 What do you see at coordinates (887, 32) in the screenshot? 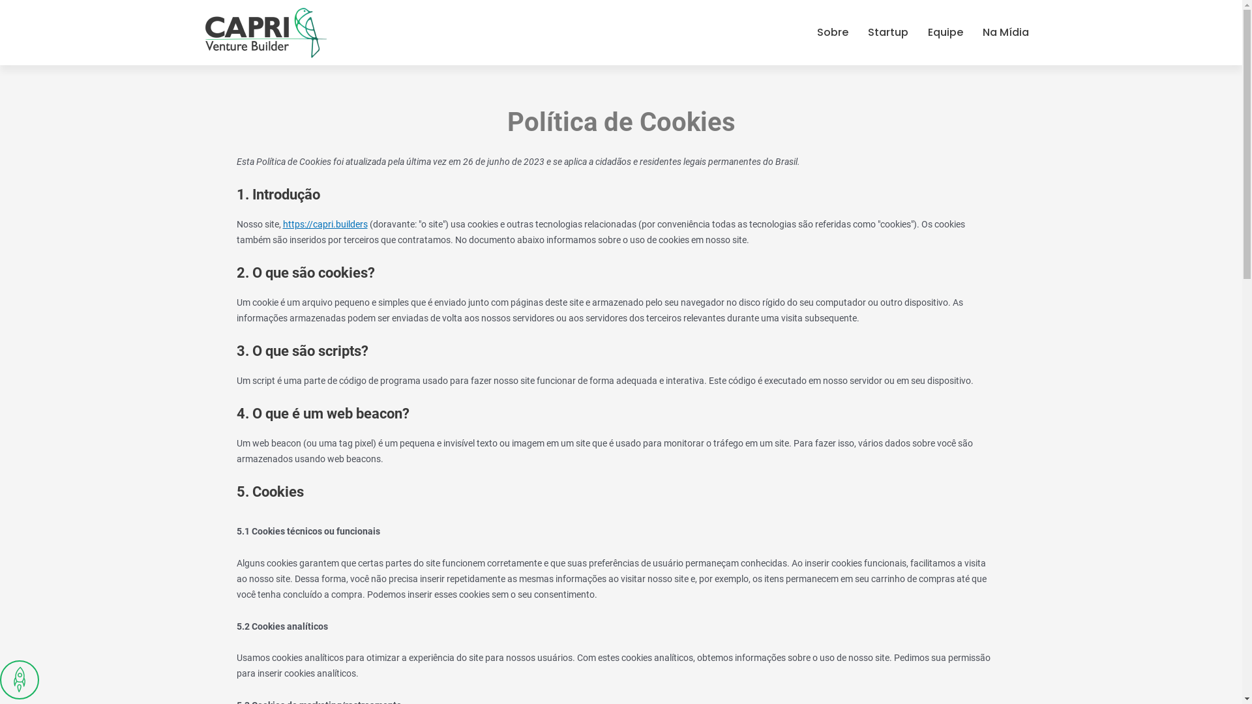
I see `'Startup'` at bounding box center [887, 32].